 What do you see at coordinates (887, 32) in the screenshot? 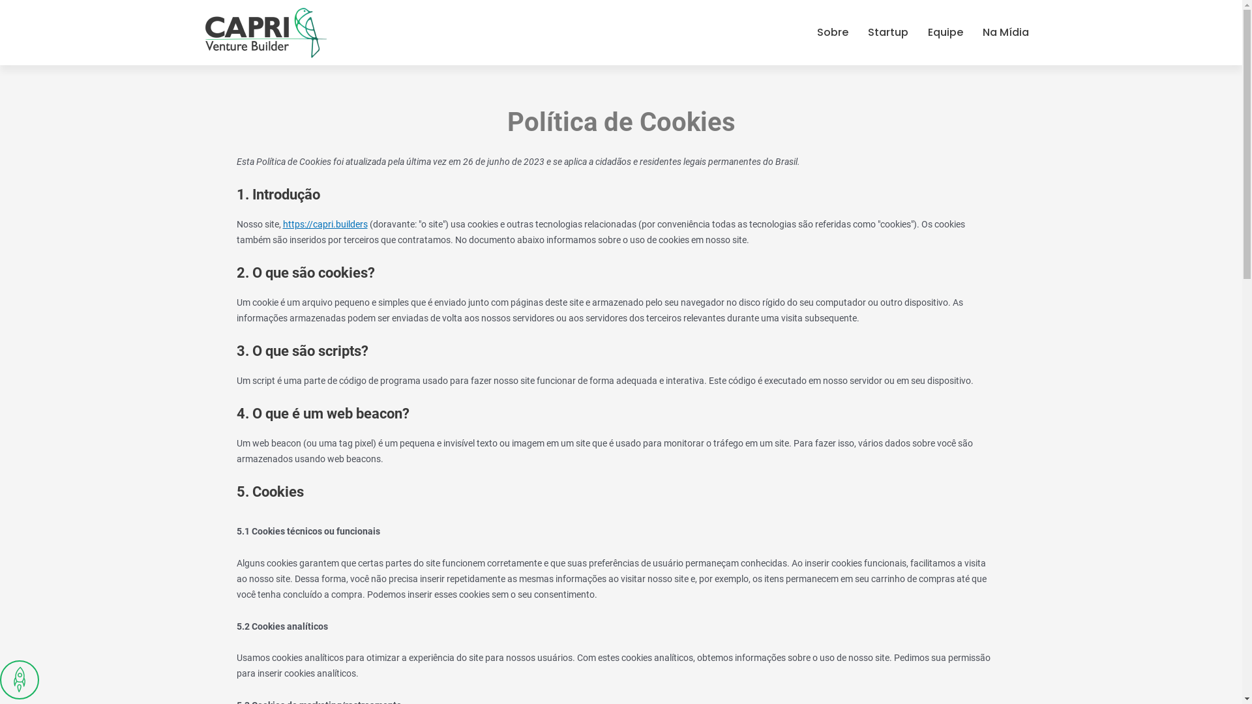
I see `'Startup'` at bounding box center [887, 32].